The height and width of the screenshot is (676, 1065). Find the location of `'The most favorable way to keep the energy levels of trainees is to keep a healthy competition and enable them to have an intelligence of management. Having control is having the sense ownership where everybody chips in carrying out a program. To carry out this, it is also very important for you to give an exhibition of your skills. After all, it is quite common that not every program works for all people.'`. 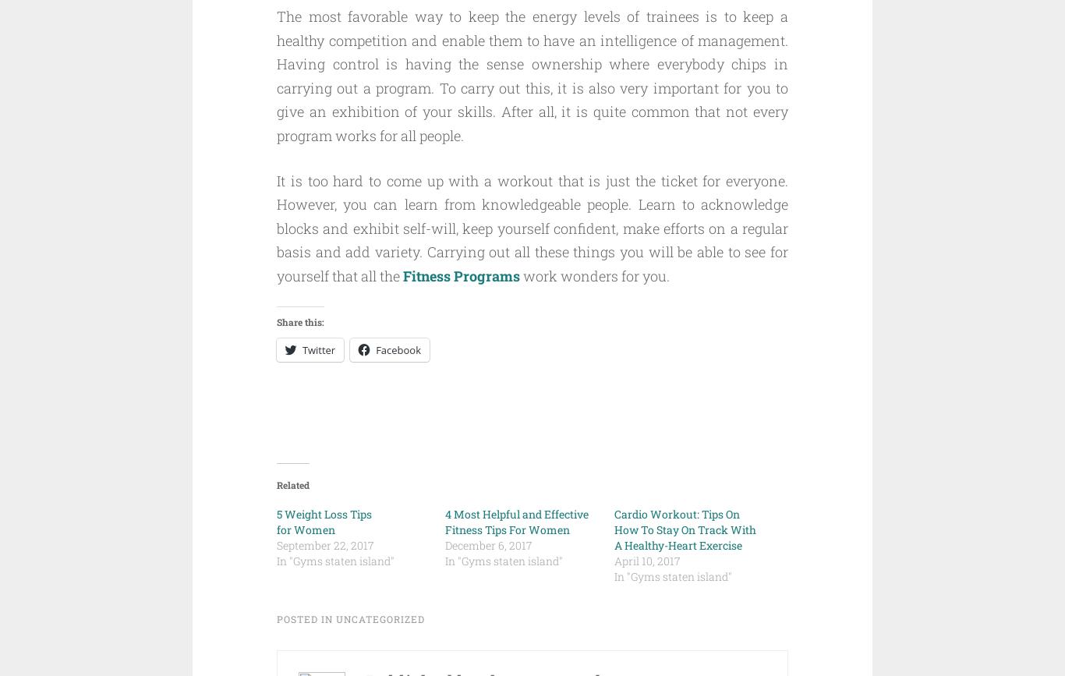

'The most favorable way to keep the energy levels of trainees is to keep a healthy competition and enable them to have an intelligence of management. Having control is having the sense ownership where everybody chips in carrying out a program. To carry out this, it is also very important for you to give an exhibition of your skills. After all, it is quite common that not every program works for all people.' is located at coordinates (532, 76).